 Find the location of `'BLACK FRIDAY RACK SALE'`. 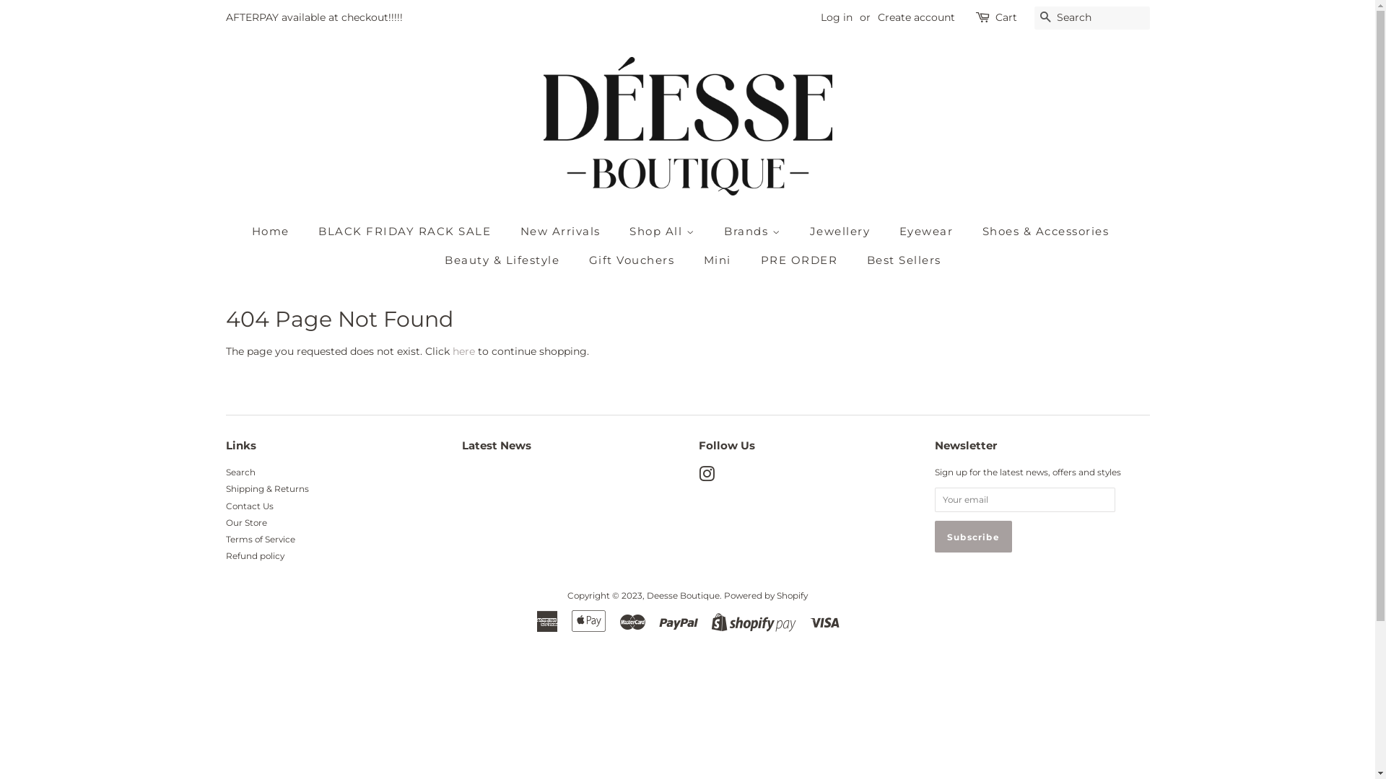

'BLACK FRIDAY RACK SALE' is located at coordinates (405, 230).